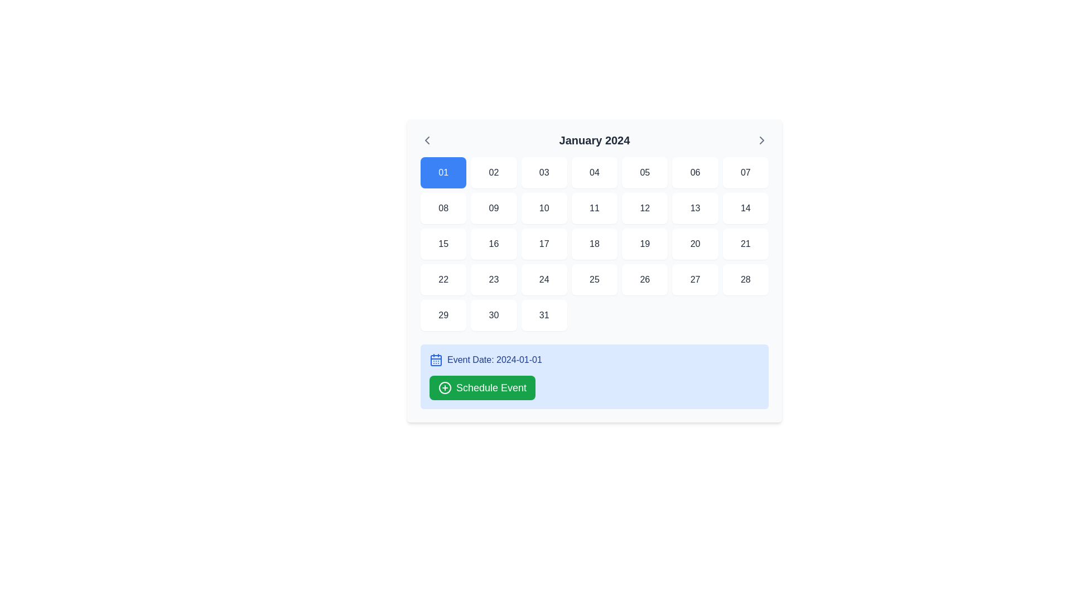 Image resolution: width=1071 pixels, height=602 pixels. I want to click on the rectangular button with the text '06' in a dark gray font, which is located in the top row, 6th column of the grid-style calendar layout, so click(694, 172).